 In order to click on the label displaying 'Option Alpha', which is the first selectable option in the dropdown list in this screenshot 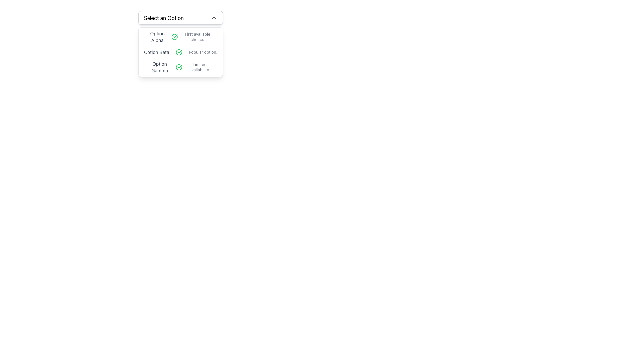, I will do `click(157, 37)`.